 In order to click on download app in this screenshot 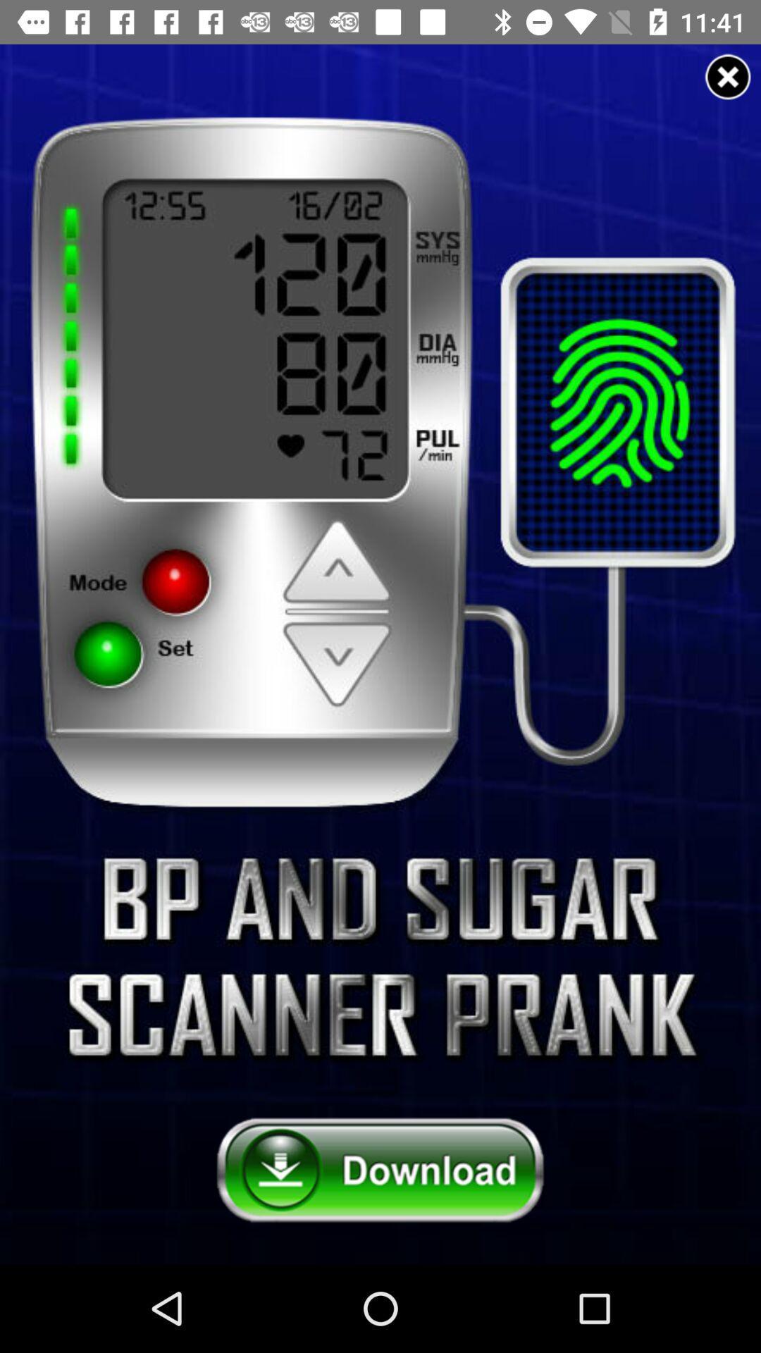, I will do `click(380, 1170)`.